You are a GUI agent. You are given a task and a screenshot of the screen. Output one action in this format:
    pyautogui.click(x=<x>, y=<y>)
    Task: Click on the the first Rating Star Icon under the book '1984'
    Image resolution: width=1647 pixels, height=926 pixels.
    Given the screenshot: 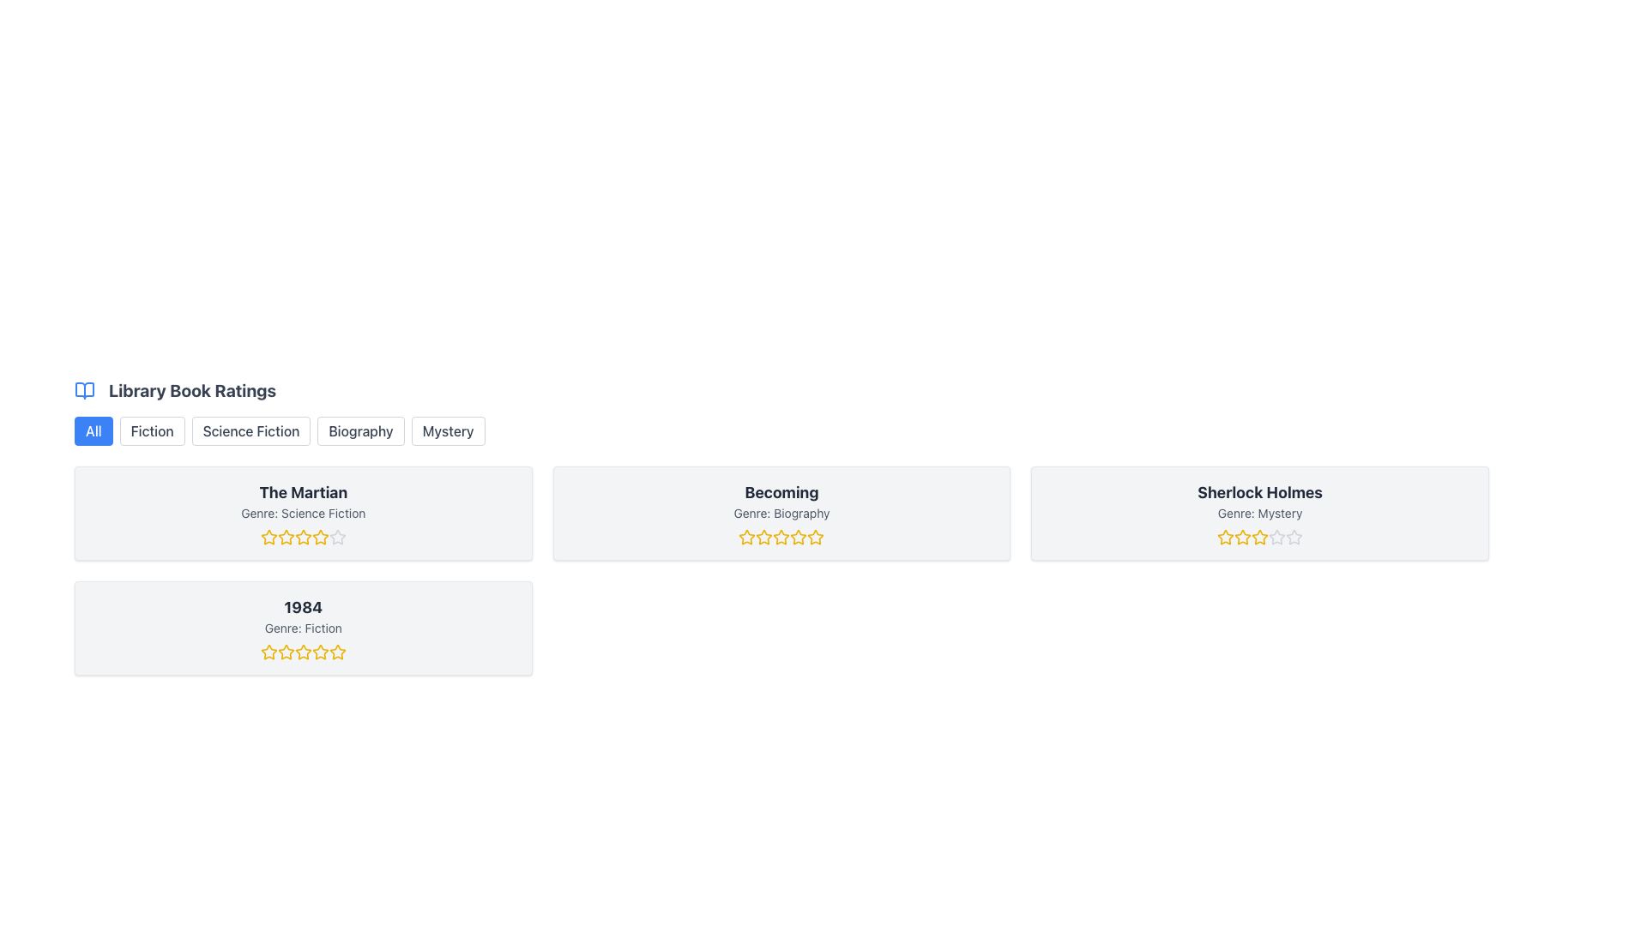 What is the action you would take?
    pyautogui.click(x=268, y=652)
    